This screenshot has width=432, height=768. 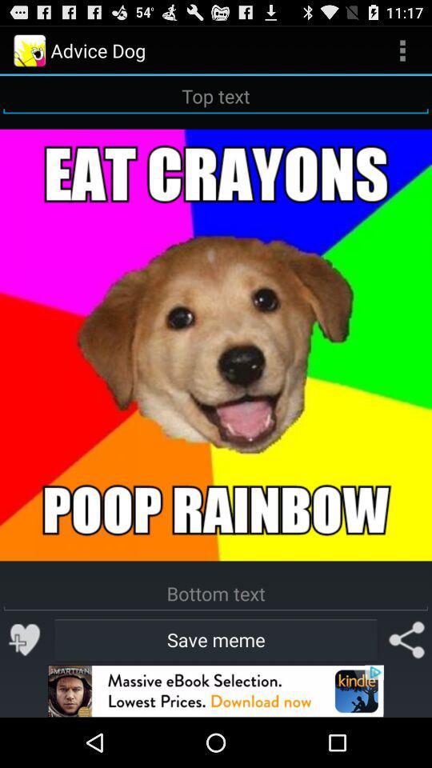 I want to click on advertisement, so click(x=216, y=690).